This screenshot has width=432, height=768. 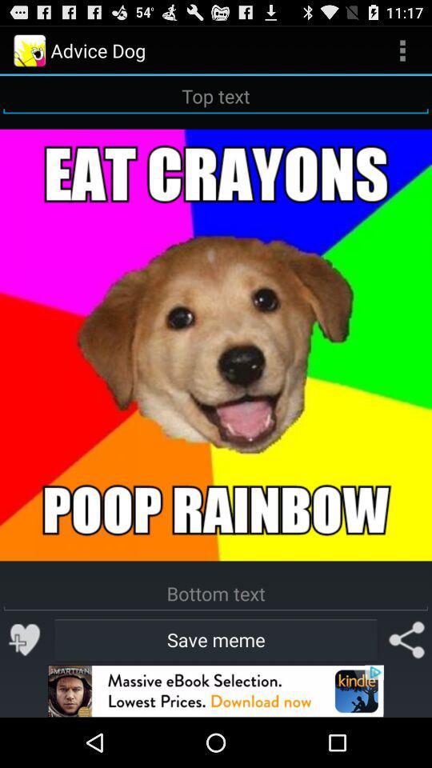 I want to click on advertisement, so click(x=216, y=690).